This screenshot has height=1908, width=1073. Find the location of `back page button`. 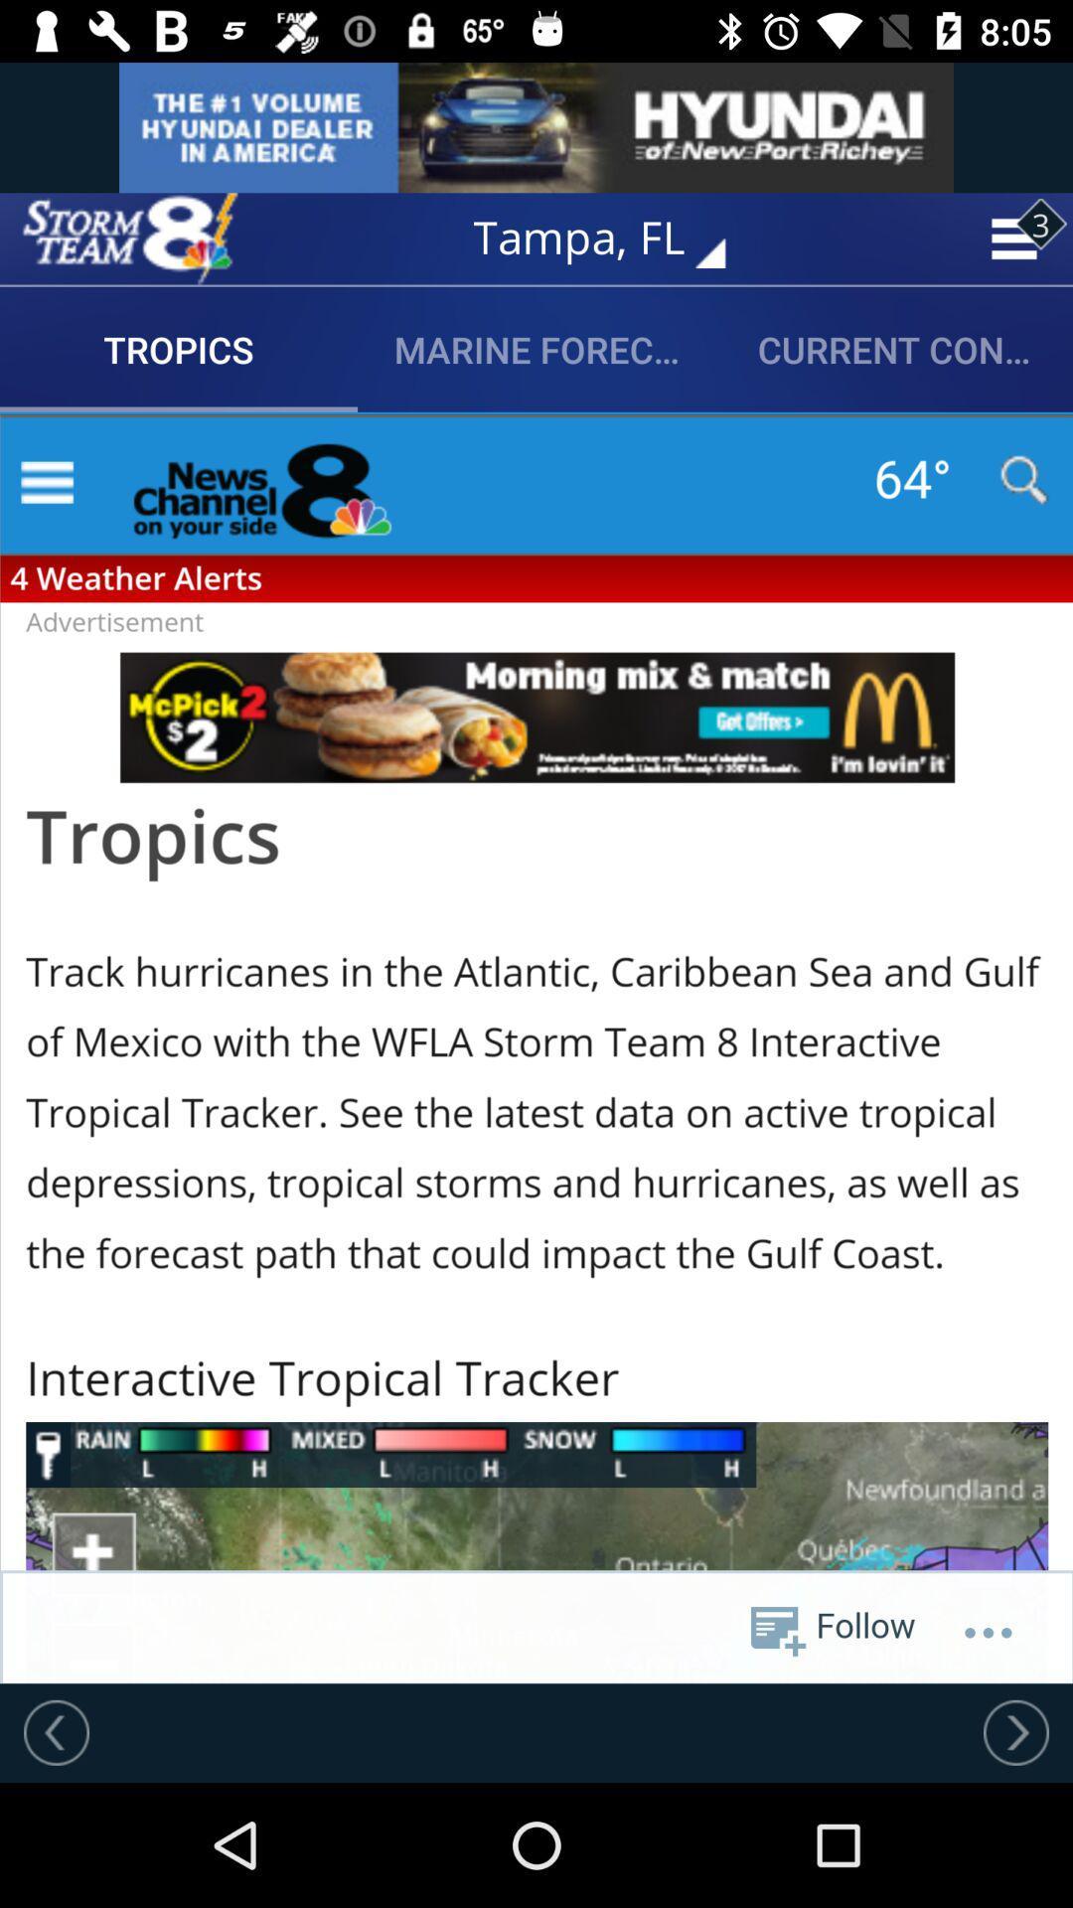

back page button is located at coordinates (56, 1731).